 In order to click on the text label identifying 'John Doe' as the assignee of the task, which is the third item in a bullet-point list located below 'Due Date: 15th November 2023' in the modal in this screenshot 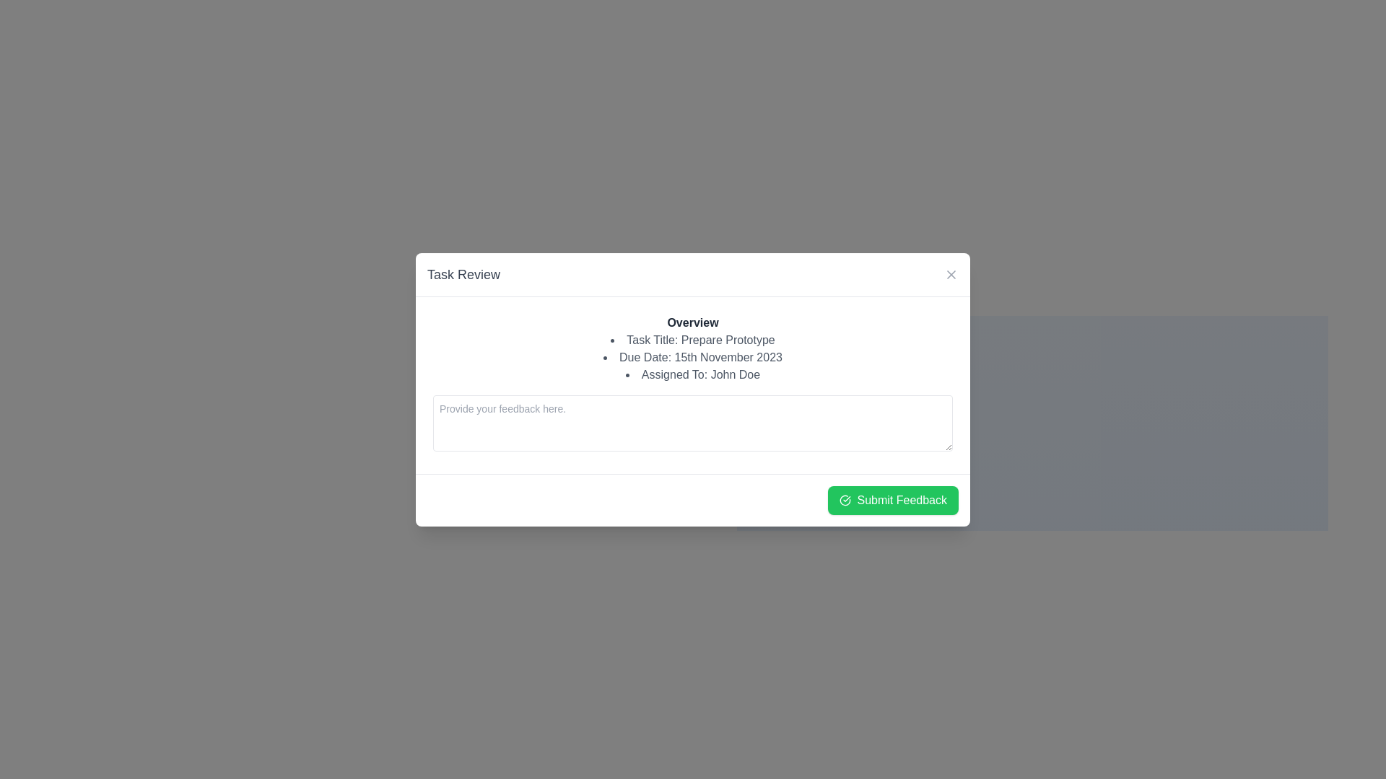, I will do `click(693, 374)`.